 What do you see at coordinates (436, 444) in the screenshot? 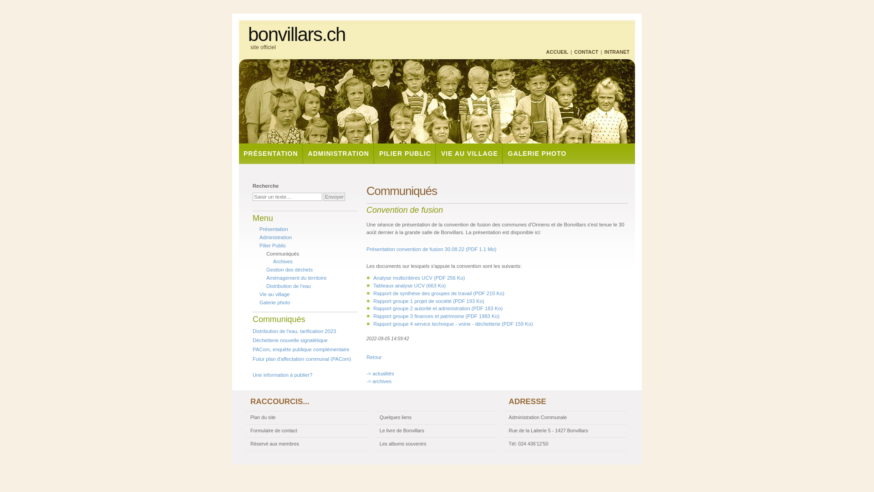
I see `'Les albums souvenirs'` at bounding box center [436, 444].